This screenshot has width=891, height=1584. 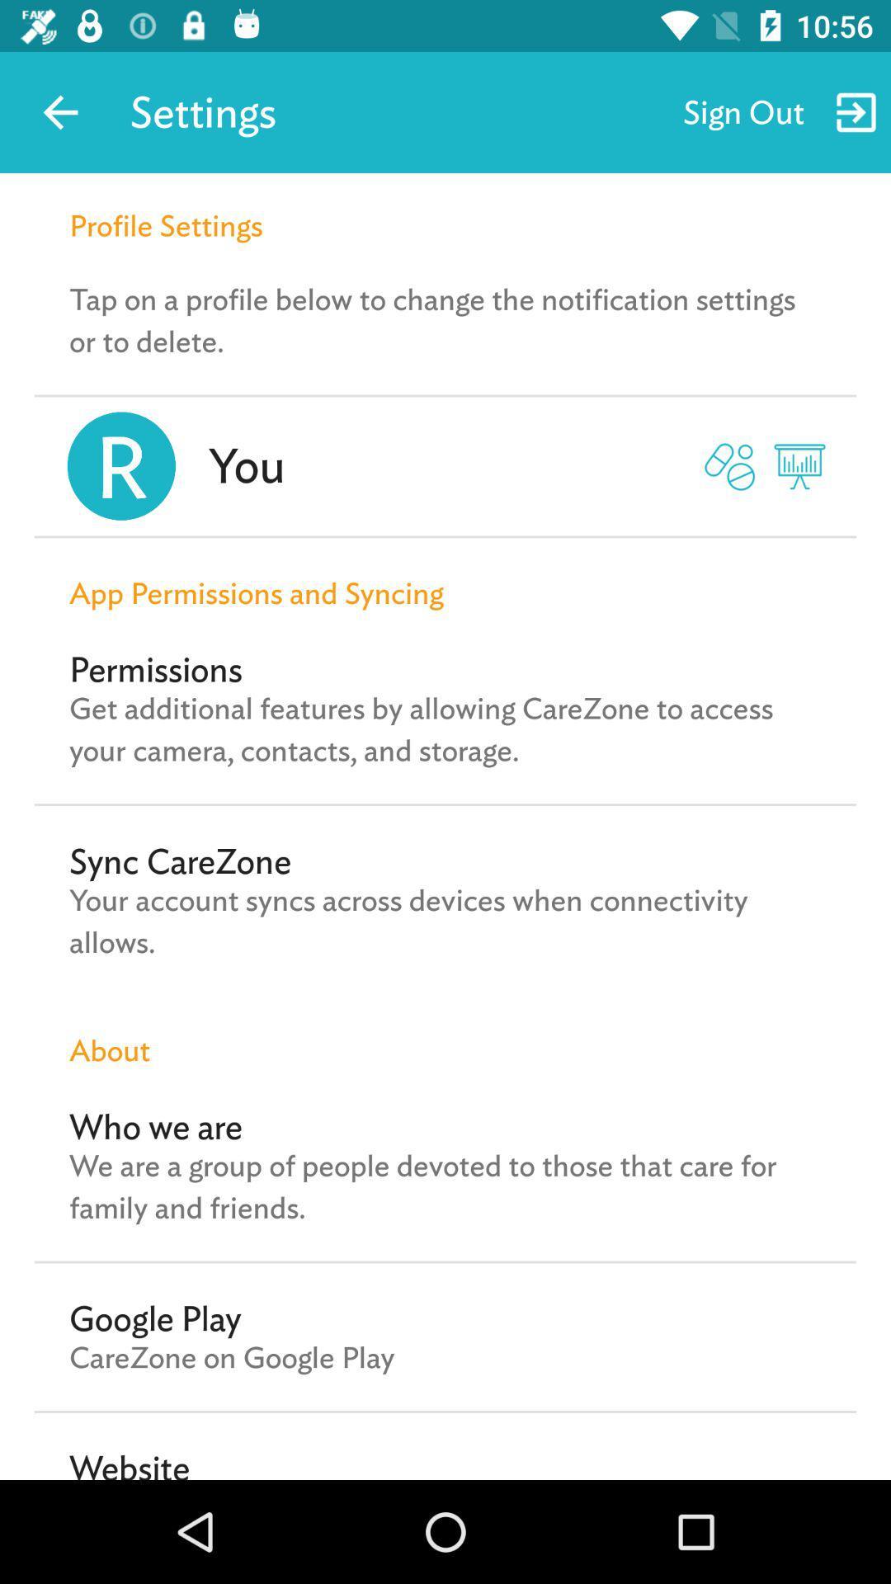 I want to click on the icon below the profile settings, so click(x=445, y=320).